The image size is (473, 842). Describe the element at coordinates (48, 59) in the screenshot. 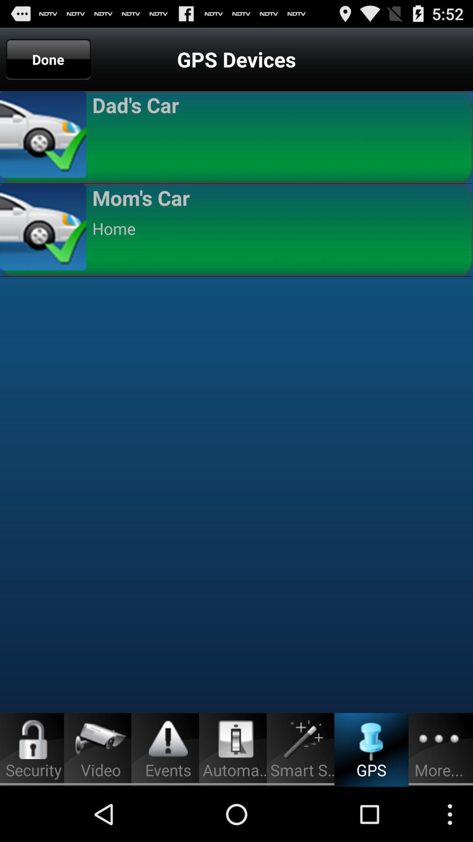

I see `done` at that location.